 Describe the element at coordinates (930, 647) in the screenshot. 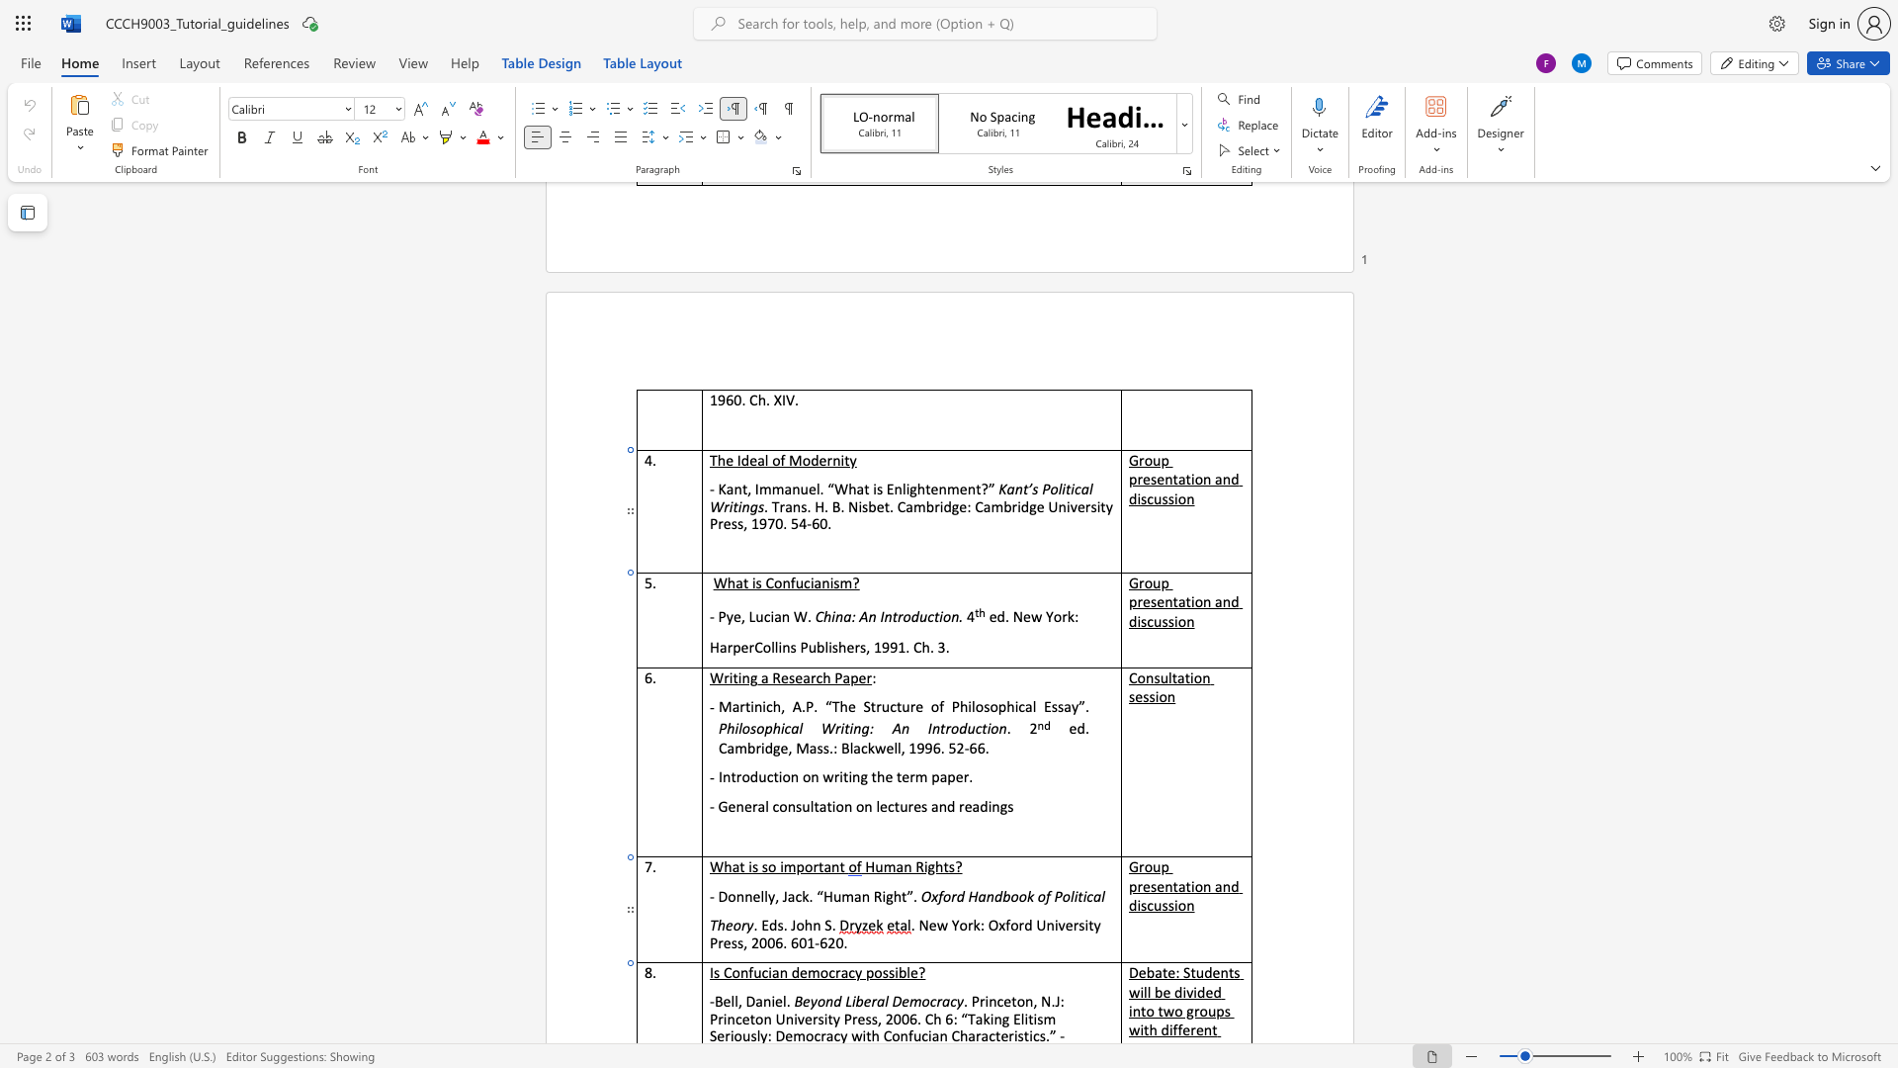

I see `the 2th character "." in the text` at that location.